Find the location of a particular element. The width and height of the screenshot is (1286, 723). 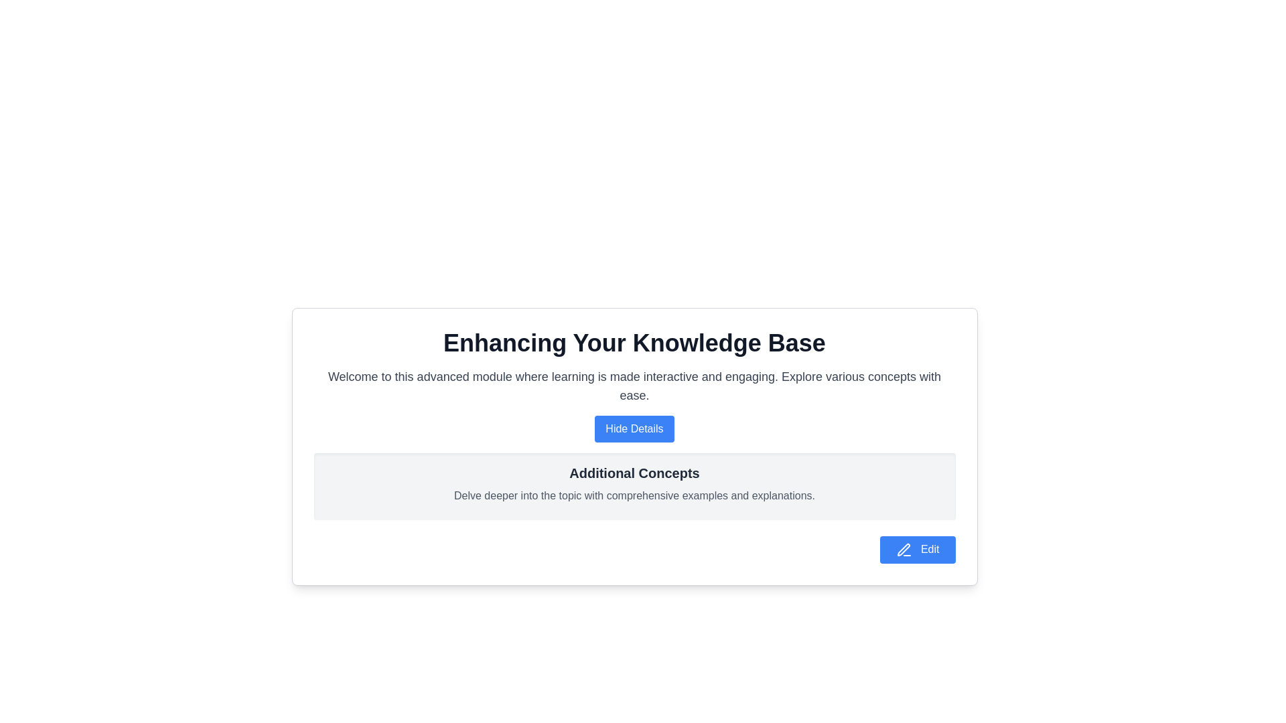

the small triangular pen nib icon located in the bottom-right corner of the white card is located at coordinates (904, 550).